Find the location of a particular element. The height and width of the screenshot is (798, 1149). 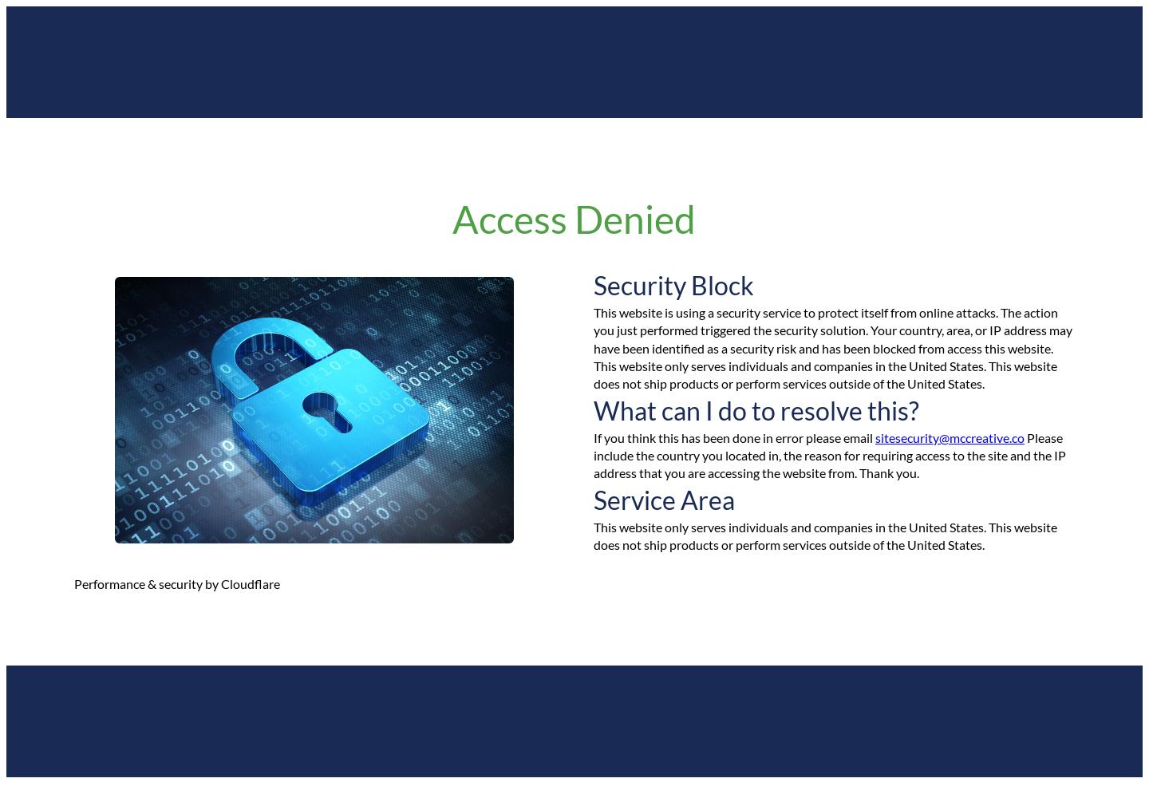

'Please include the country you located in, the reason for requiring access to the site and the IP address that you are accessing the website from.
Thank you.' is located at coordinates (829, 454).